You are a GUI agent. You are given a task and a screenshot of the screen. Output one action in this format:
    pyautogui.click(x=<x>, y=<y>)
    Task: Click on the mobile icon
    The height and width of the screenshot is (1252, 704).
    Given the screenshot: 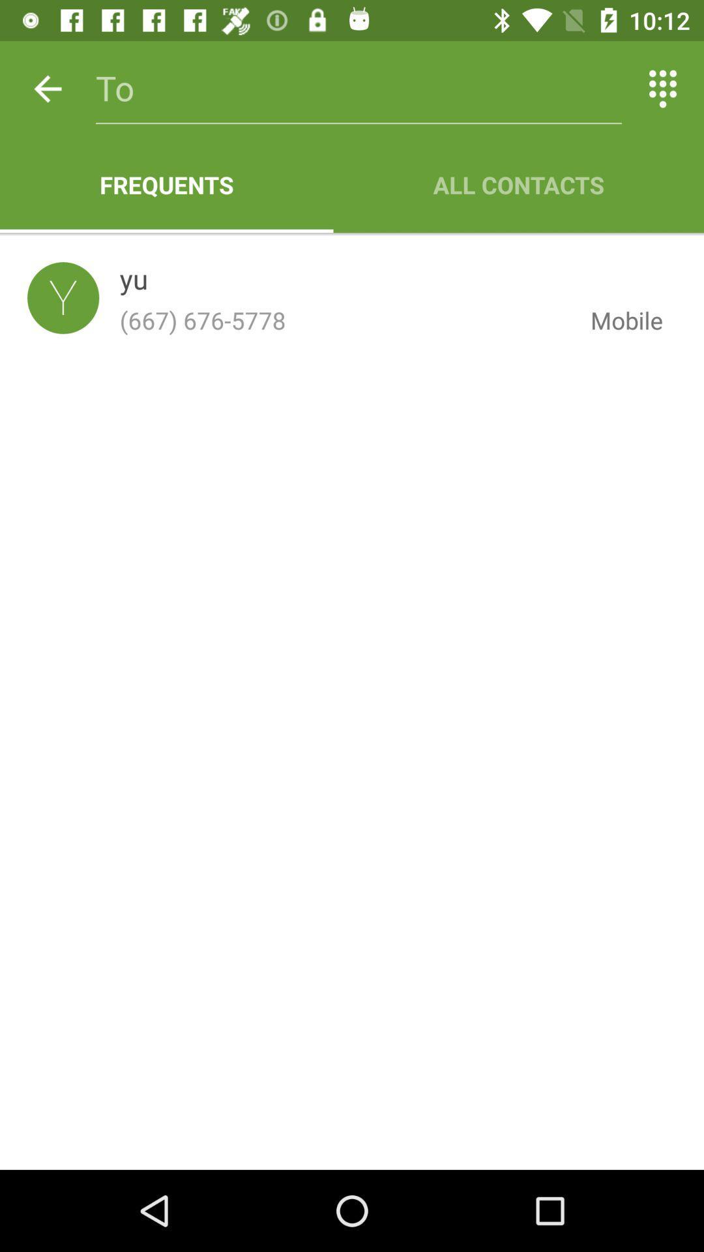 What is the action you would take?
    pyautogui.click(x=616, y=320)
    